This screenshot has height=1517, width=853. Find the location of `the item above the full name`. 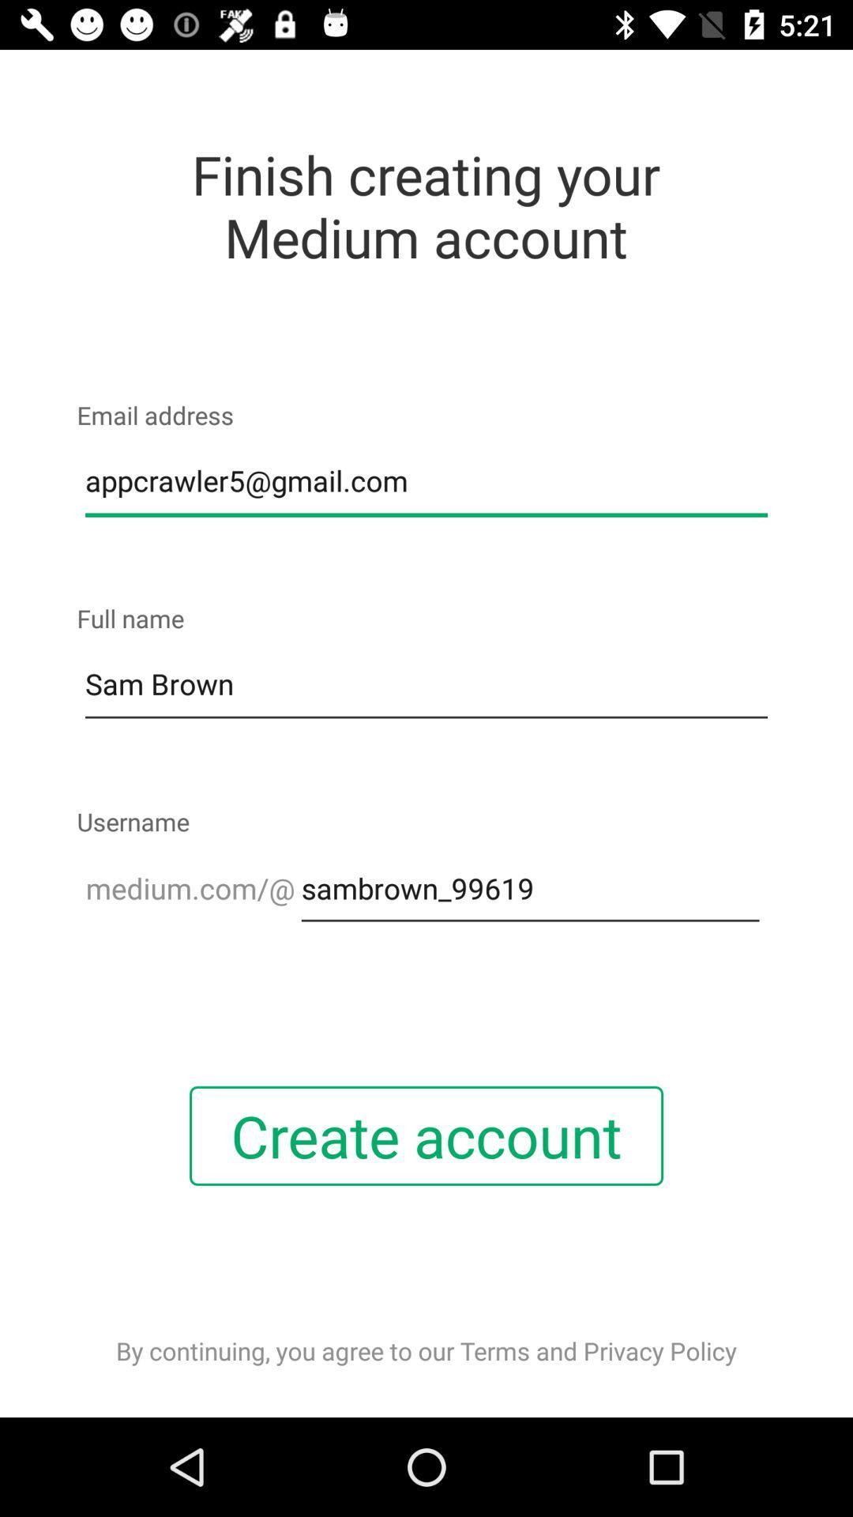

the item above the full name is located at coordinates (426, 480).